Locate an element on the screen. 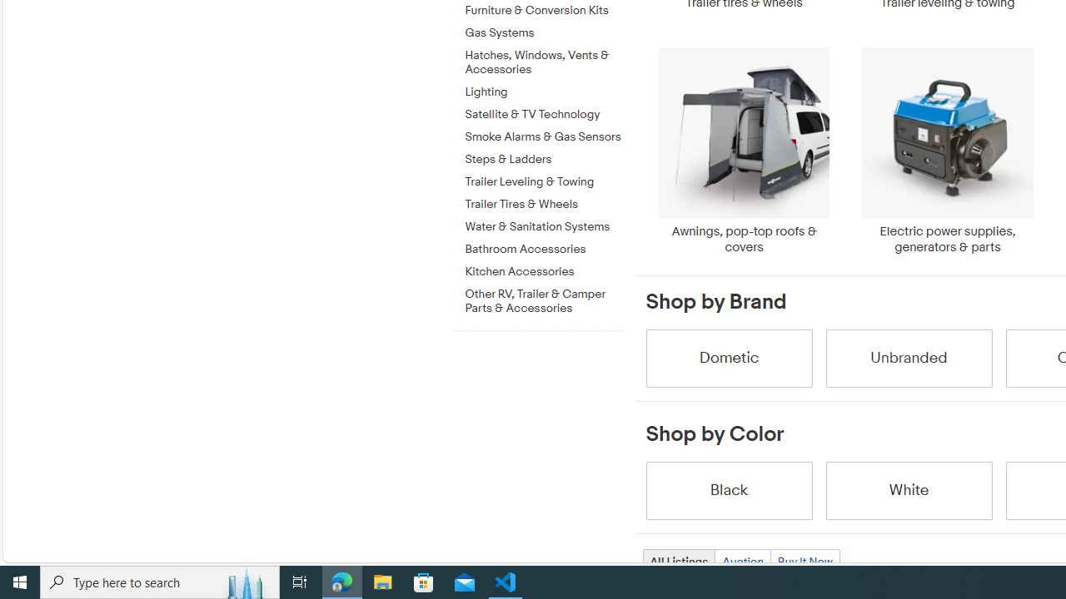 The height and width of the screenshot is (599, 1066). 'Satellite & TV Technology' is located at coordinates (544, 111).